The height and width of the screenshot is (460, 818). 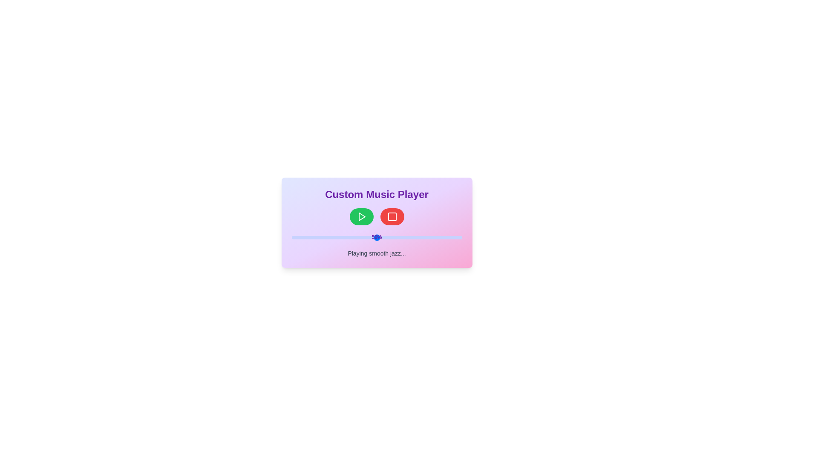 What do you see at coordinates (392, 216) in the screenshot?
I see `the square stop or record button in the music player, located slightly to the right of the center of the overall layout, adjacent to the green play button` at bounding box center [392, 216].